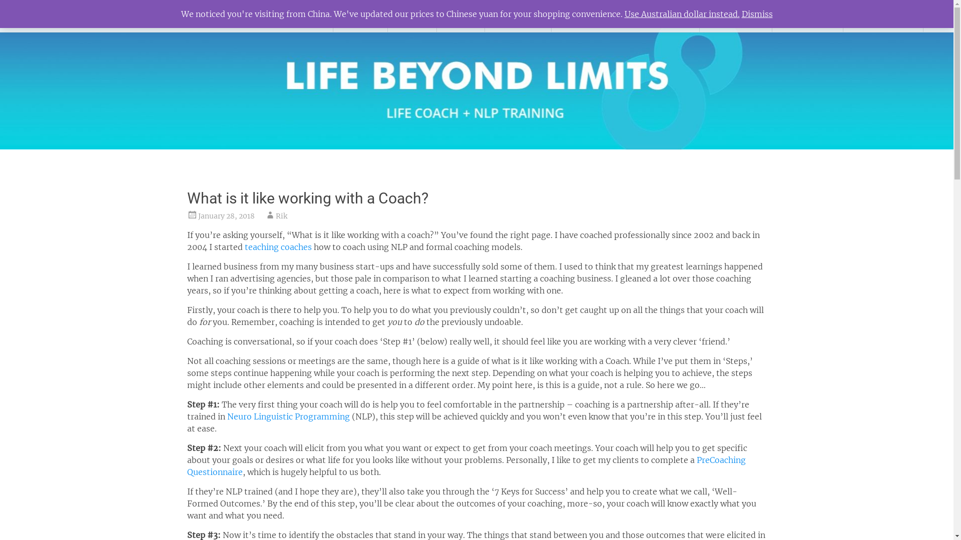 This screenshot has width=961, height=540. I want to click on 'Use Australian dollar instead.', so click(682, 13).